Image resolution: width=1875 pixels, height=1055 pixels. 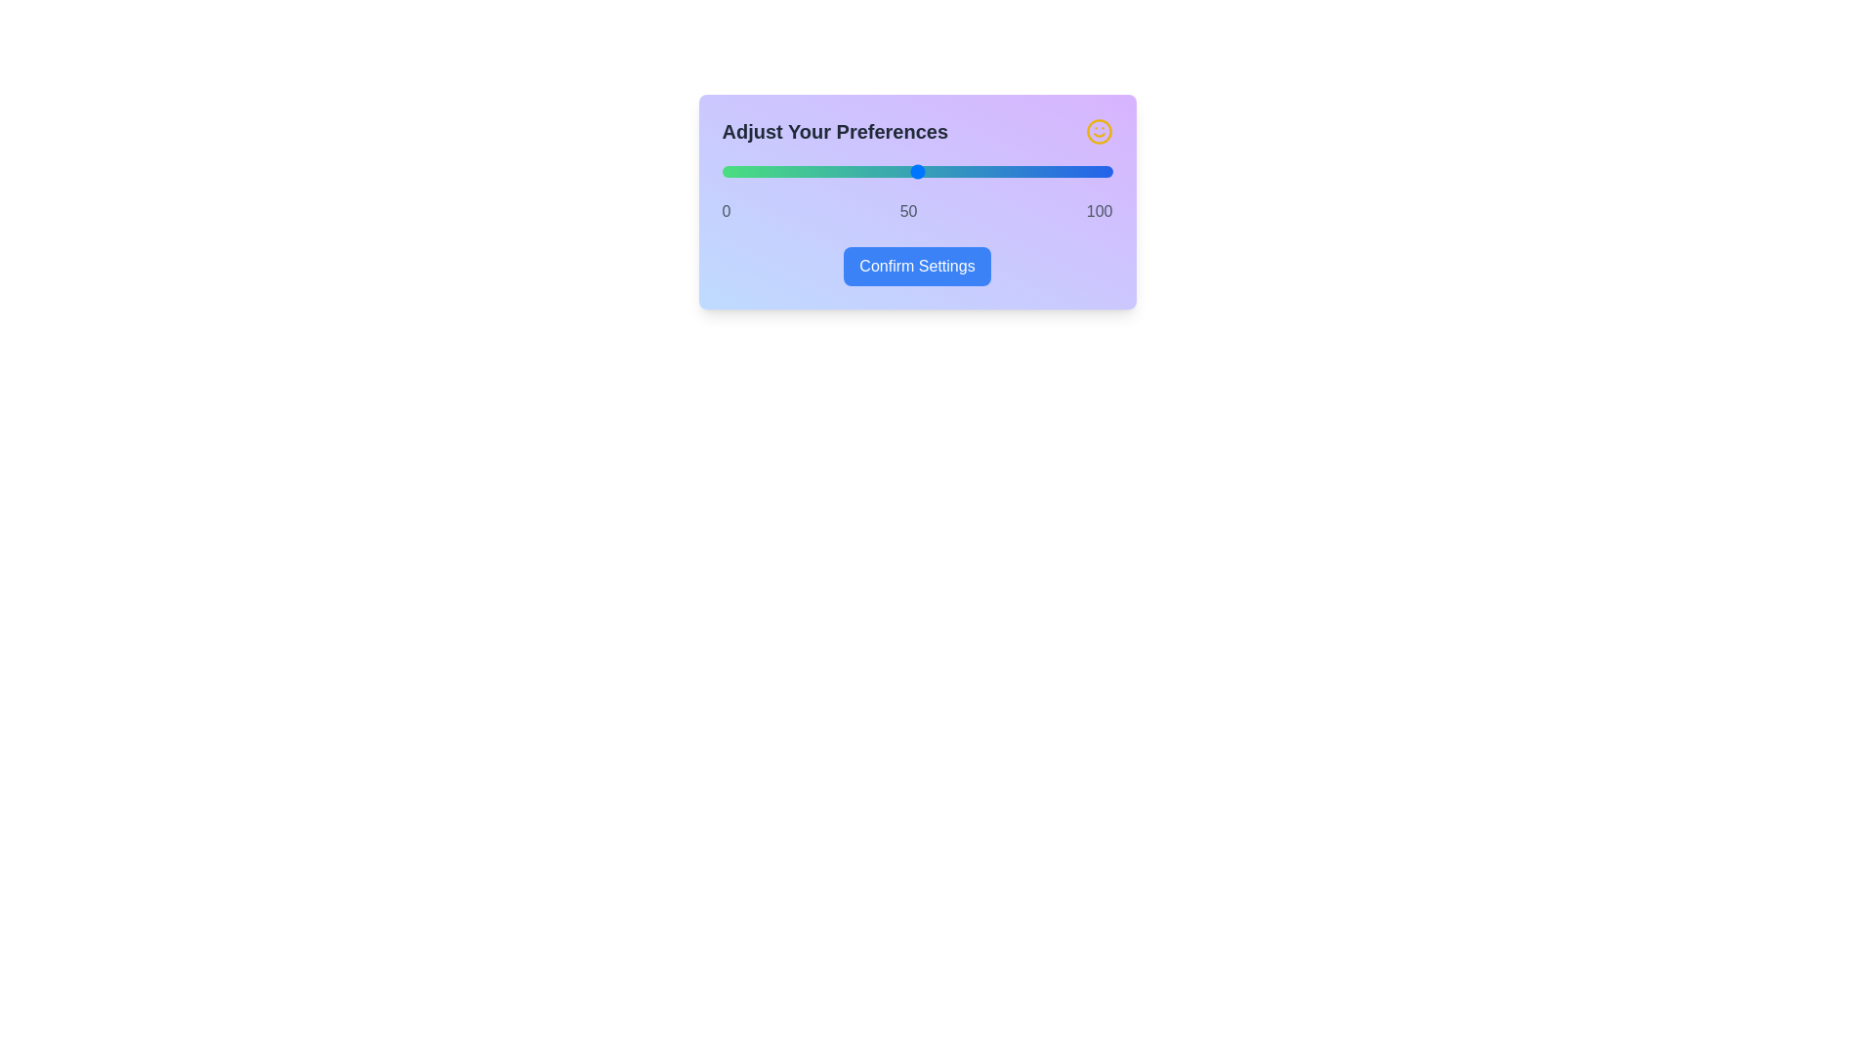 I want to click on the slider to set the value to 73, so click(x=1007, y=171).